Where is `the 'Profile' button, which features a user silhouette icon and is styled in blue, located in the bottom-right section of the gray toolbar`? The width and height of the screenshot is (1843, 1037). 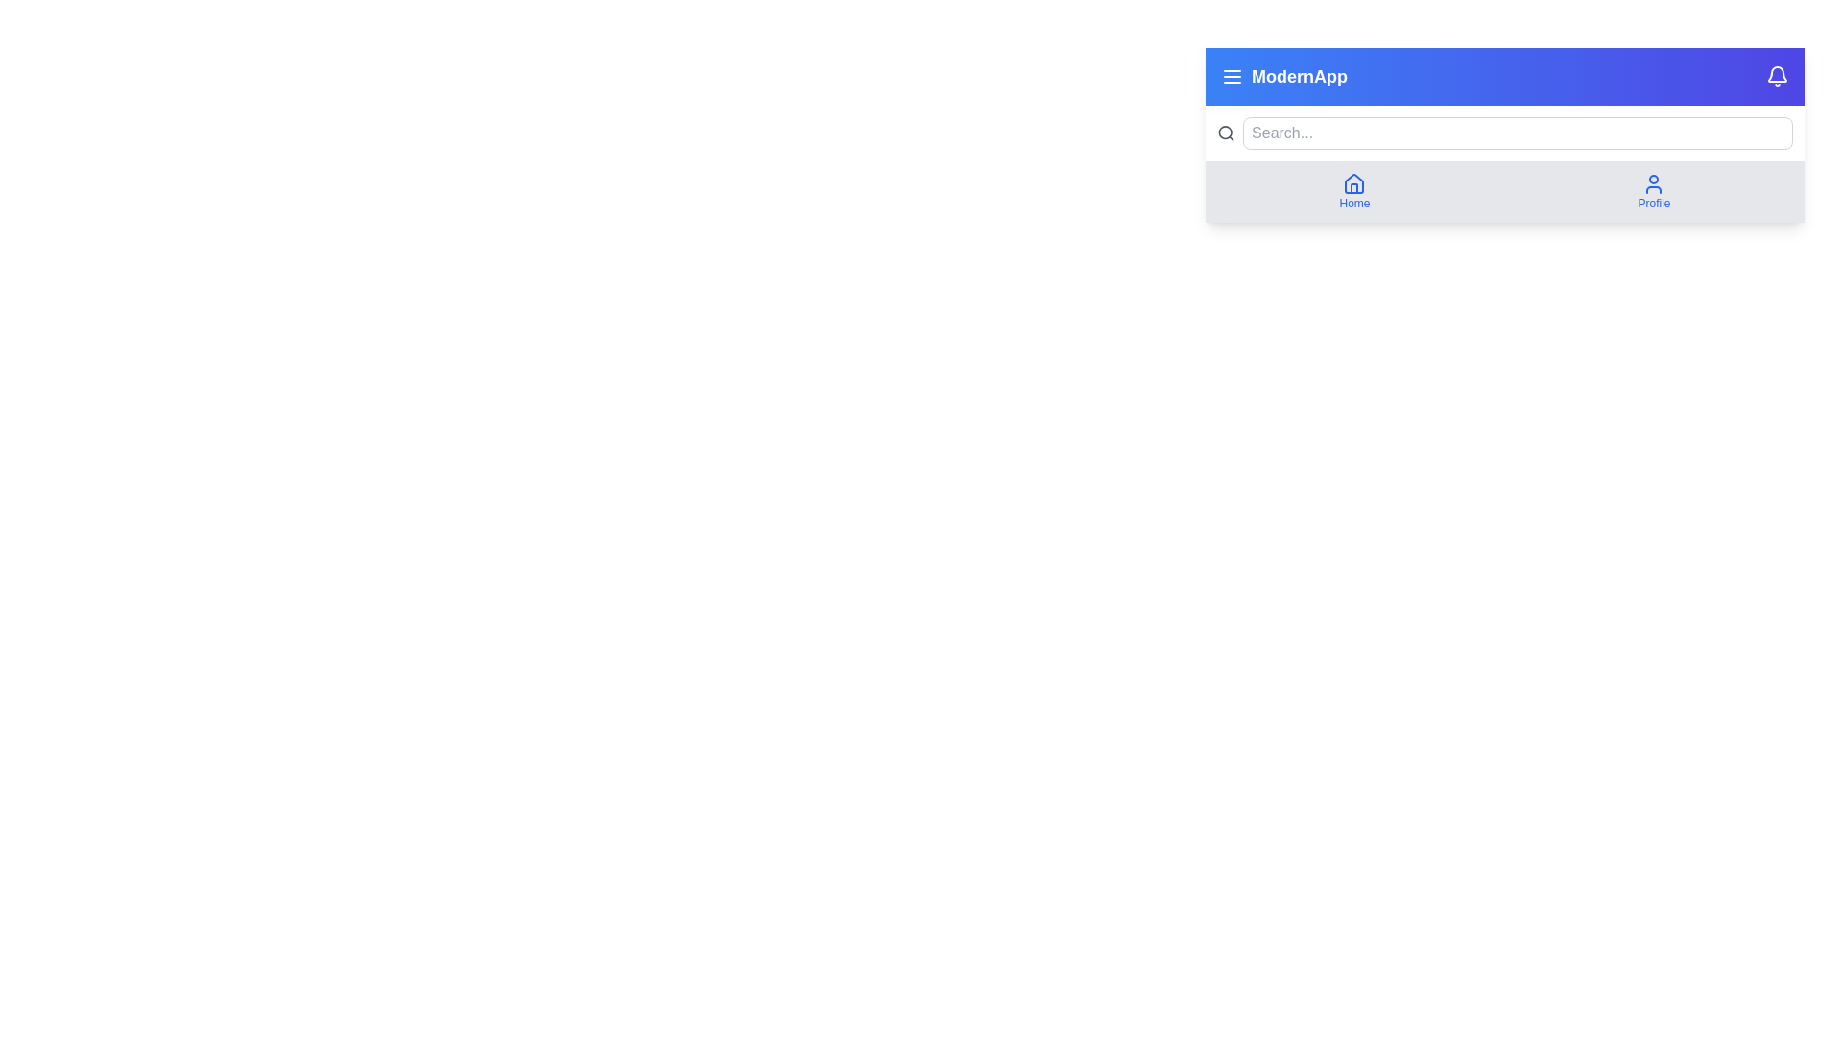
the 'Profile' button, which features a user silhouette icon and is styled in blue, located in the bottom-right section of the gray toolbar is located at coordinates (1653, 192).